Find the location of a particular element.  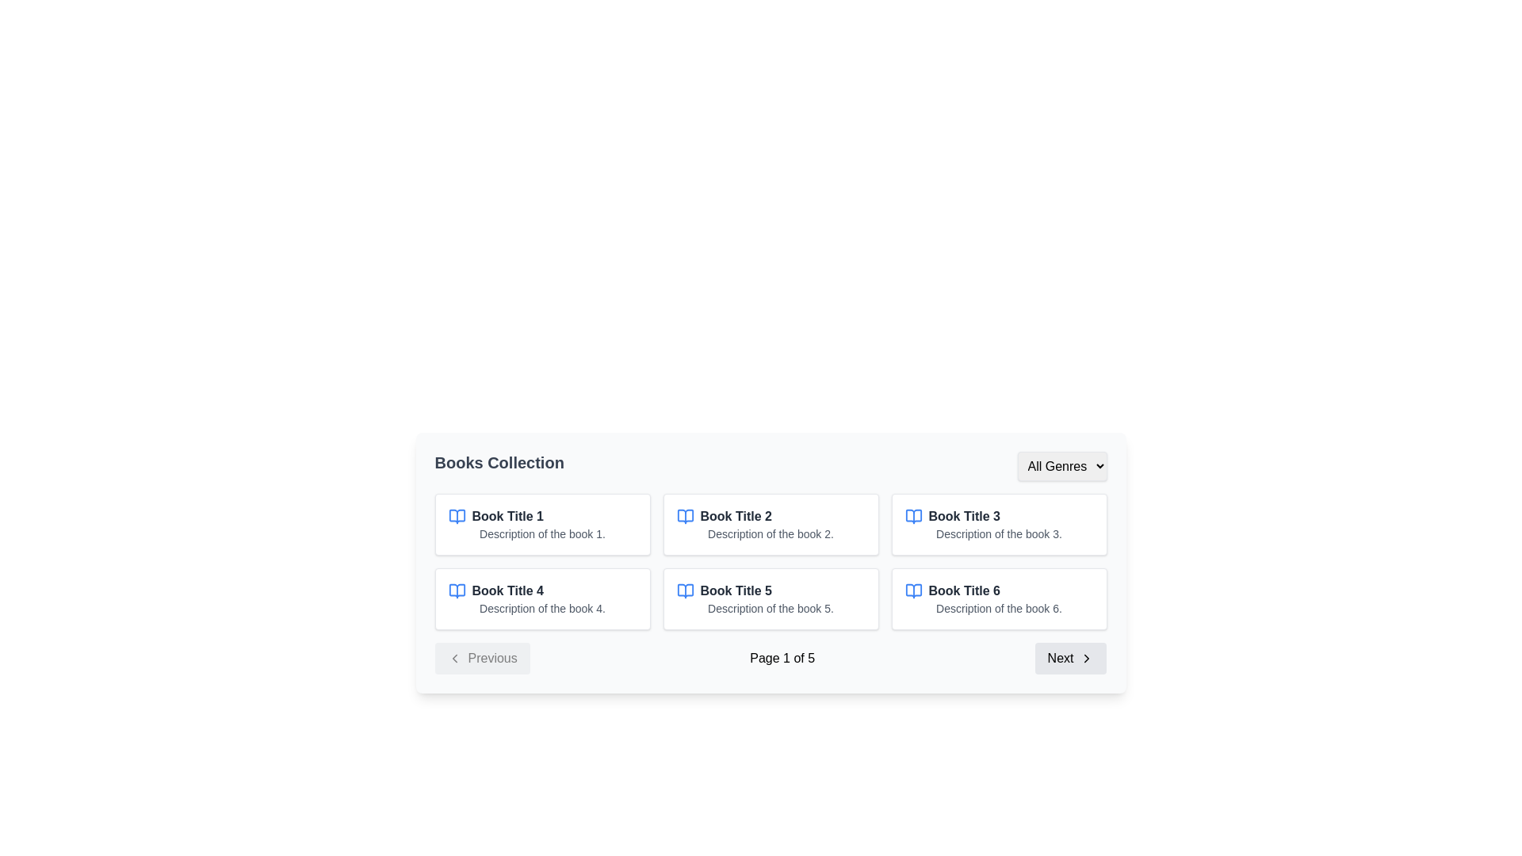

text content of the element displaying 'Description of the book 5.' which is styled in a small gray font and located below the title 'Book Title 5' in the fifth cell of the 'Books Collection' section is located at coordinates (771, 607).